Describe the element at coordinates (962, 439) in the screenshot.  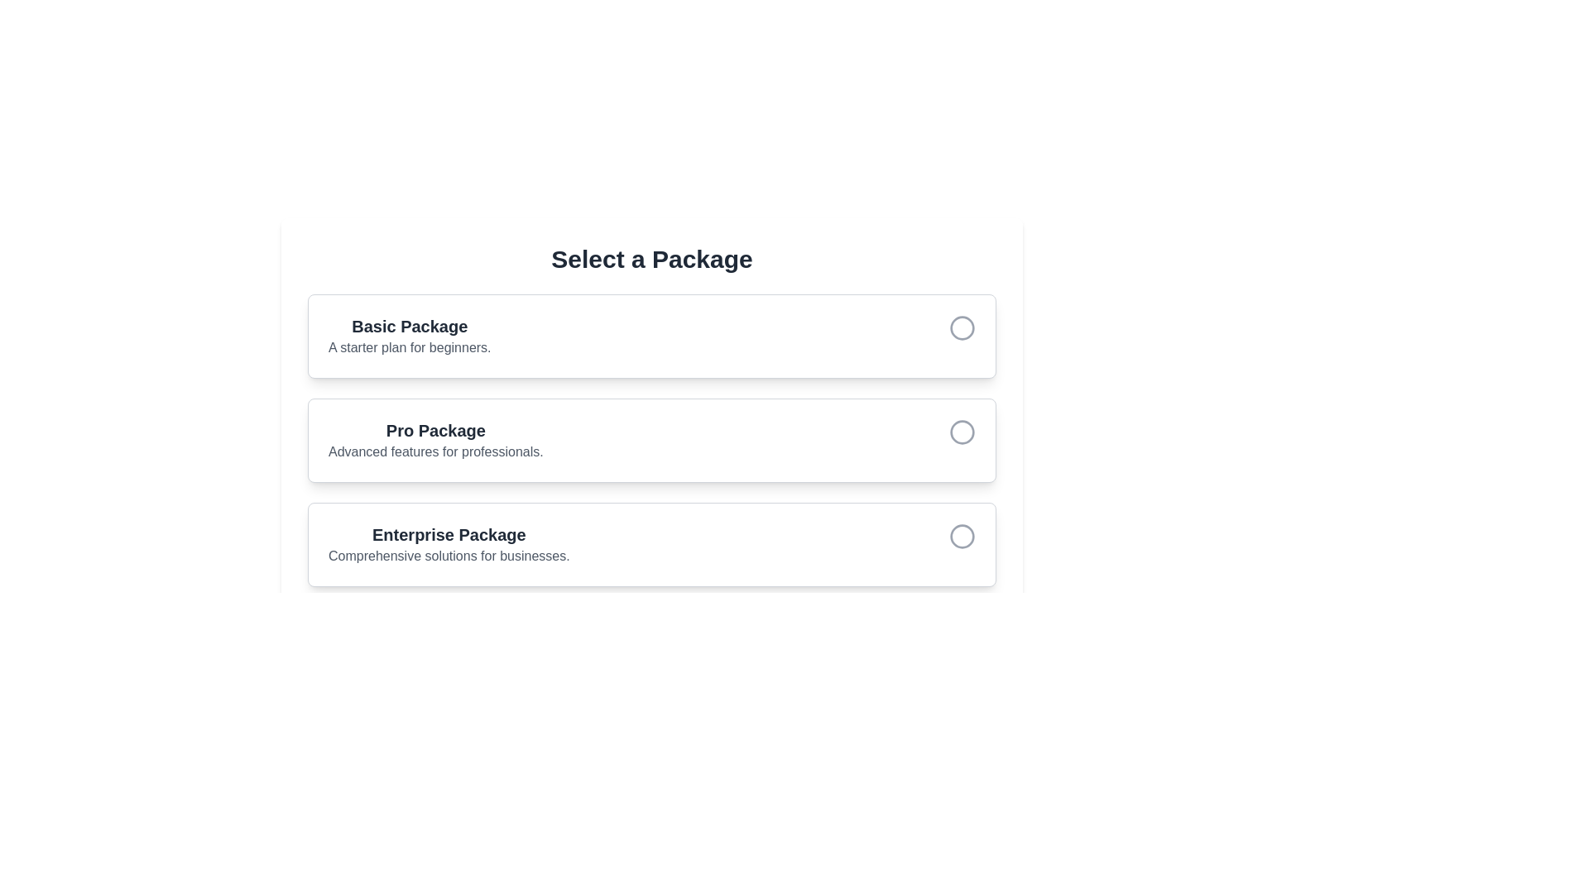
I see `the status indicator for the 'Pro Package' option, which is positioned to the right of the description 'Advanced features for professionals.'` at that location.